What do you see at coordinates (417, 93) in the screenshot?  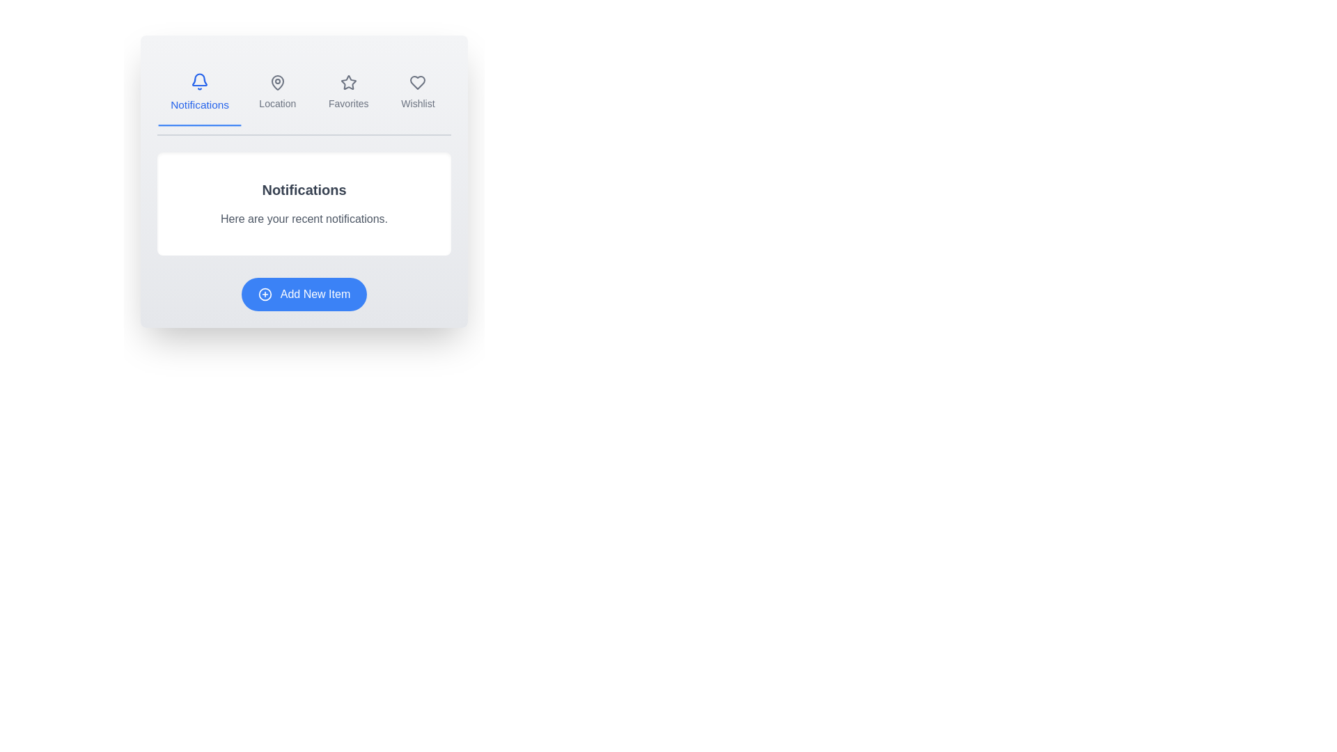 I see `the tab labeled Wishlist` at bounding box center [417, 93].